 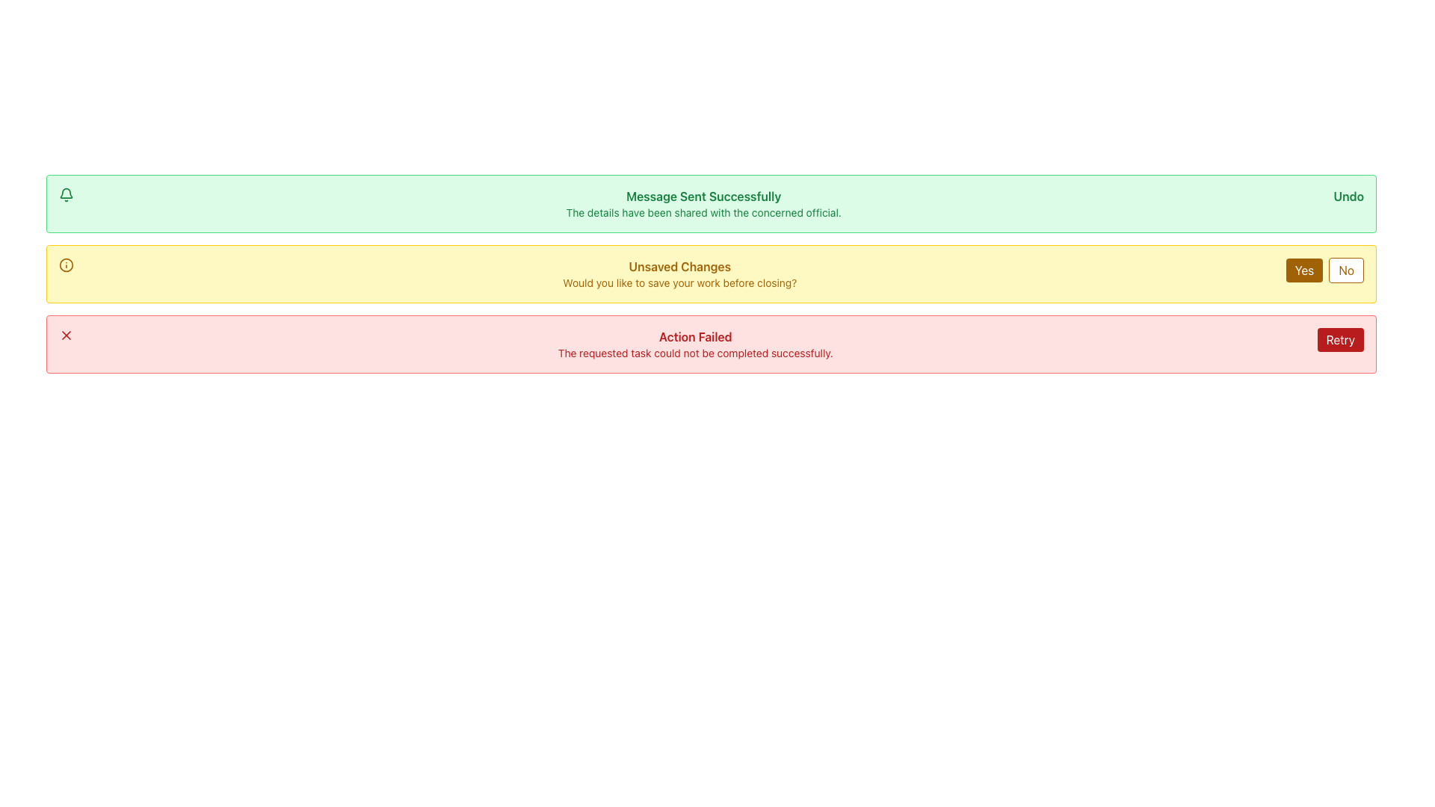 I want to click on message text from the Notification modal that alerts the user about unsaved changes, located between the 'Message Sent Successfully' and 'Action Failed' boxes, so click(x=710, y=273).